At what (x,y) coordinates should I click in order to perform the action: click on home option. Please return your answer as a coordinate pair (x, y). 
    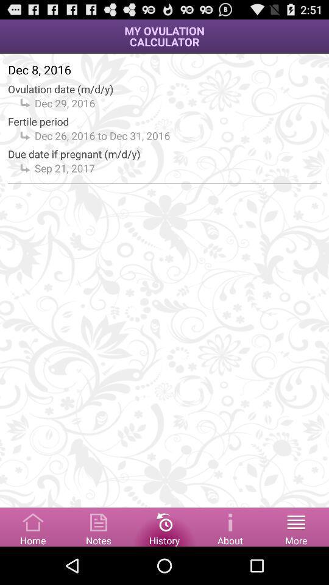
    Looking at the image, I should click on (33, 526).